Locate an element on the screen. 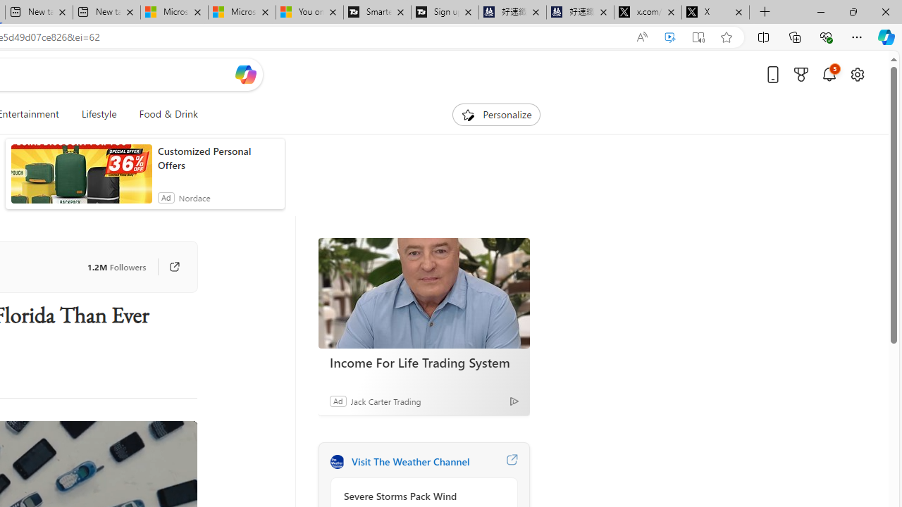 Image resolution: width=902 pixels, height=507 pixels. 'The Weather Channel' is located at coordinates (336, 461).